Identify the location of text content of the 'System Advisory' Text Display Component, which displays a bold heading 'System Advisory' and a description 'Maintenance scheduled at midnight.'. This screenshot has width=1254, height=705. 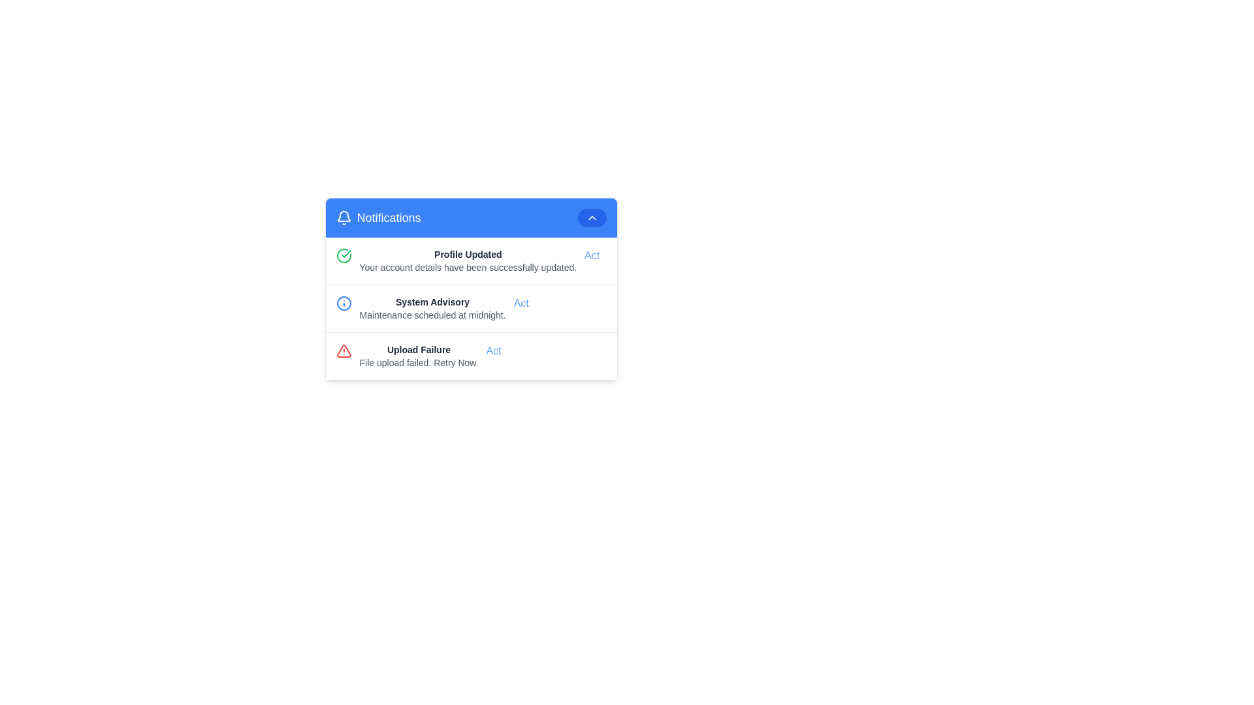
(432, 309).